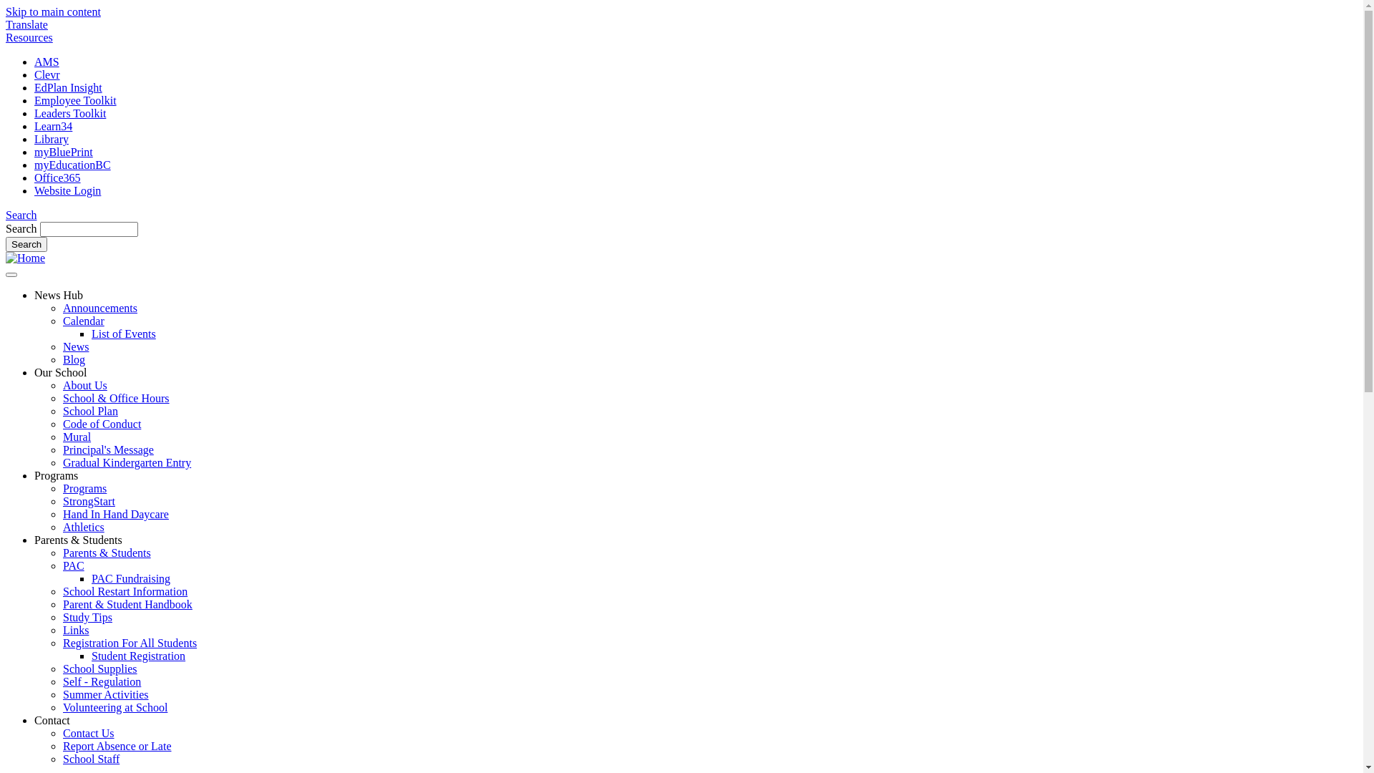  What do you see at coordinates (91, 578) in the screenshot?
I see `'PAC Fundraising'` at bounding box center [91, 578].